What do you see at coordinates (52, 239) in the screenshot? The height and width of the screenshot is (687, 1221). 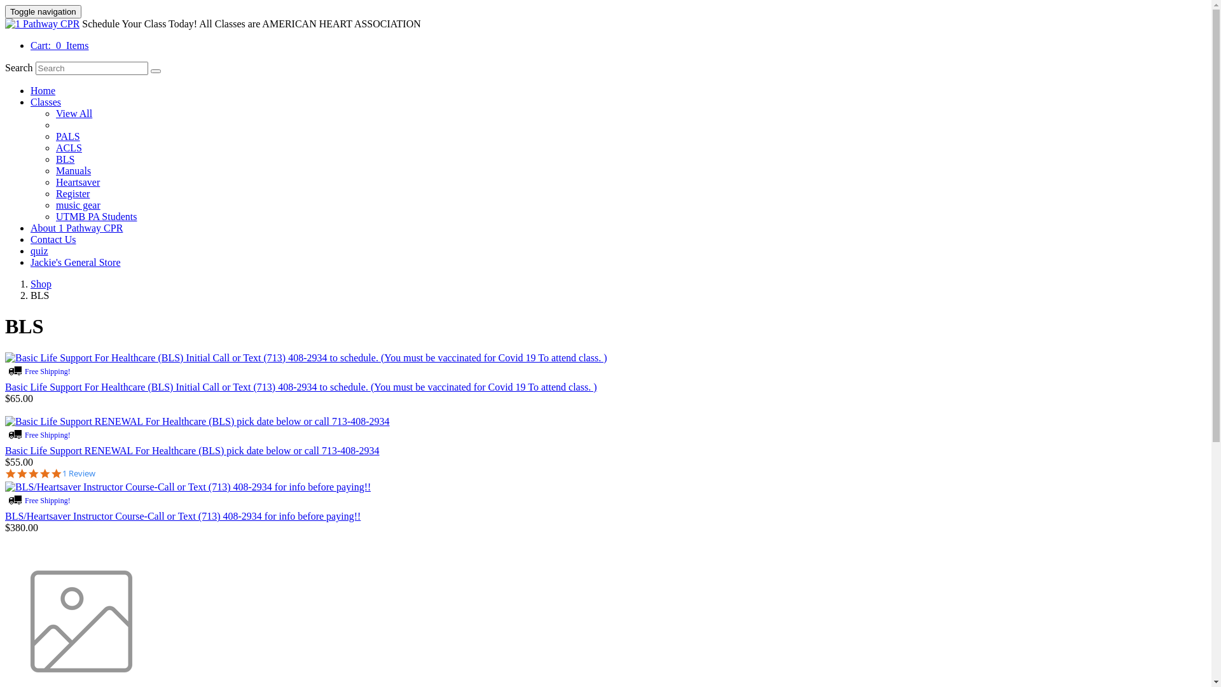 I see `'Contact Us'` at bounding box center [52, 239].